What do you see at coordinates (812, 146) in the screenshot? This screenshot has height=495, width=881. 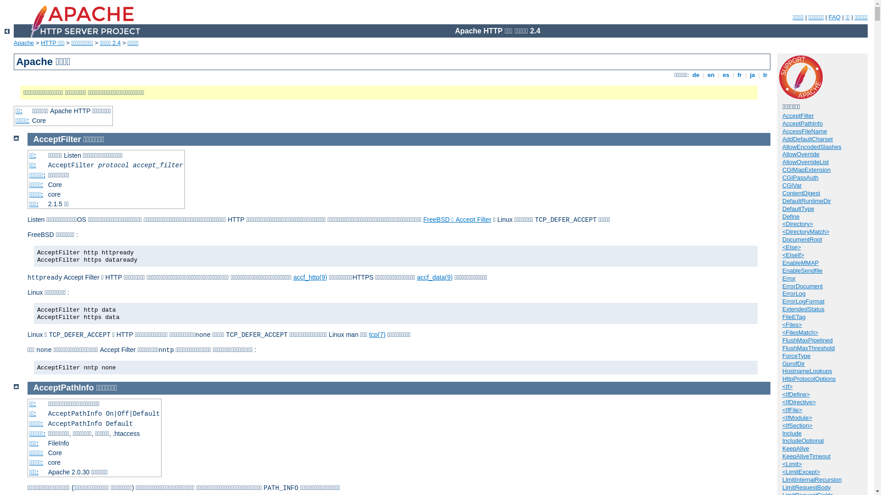 I see `'AllowEncodedSlashes'` at bounding box center [812, 146].